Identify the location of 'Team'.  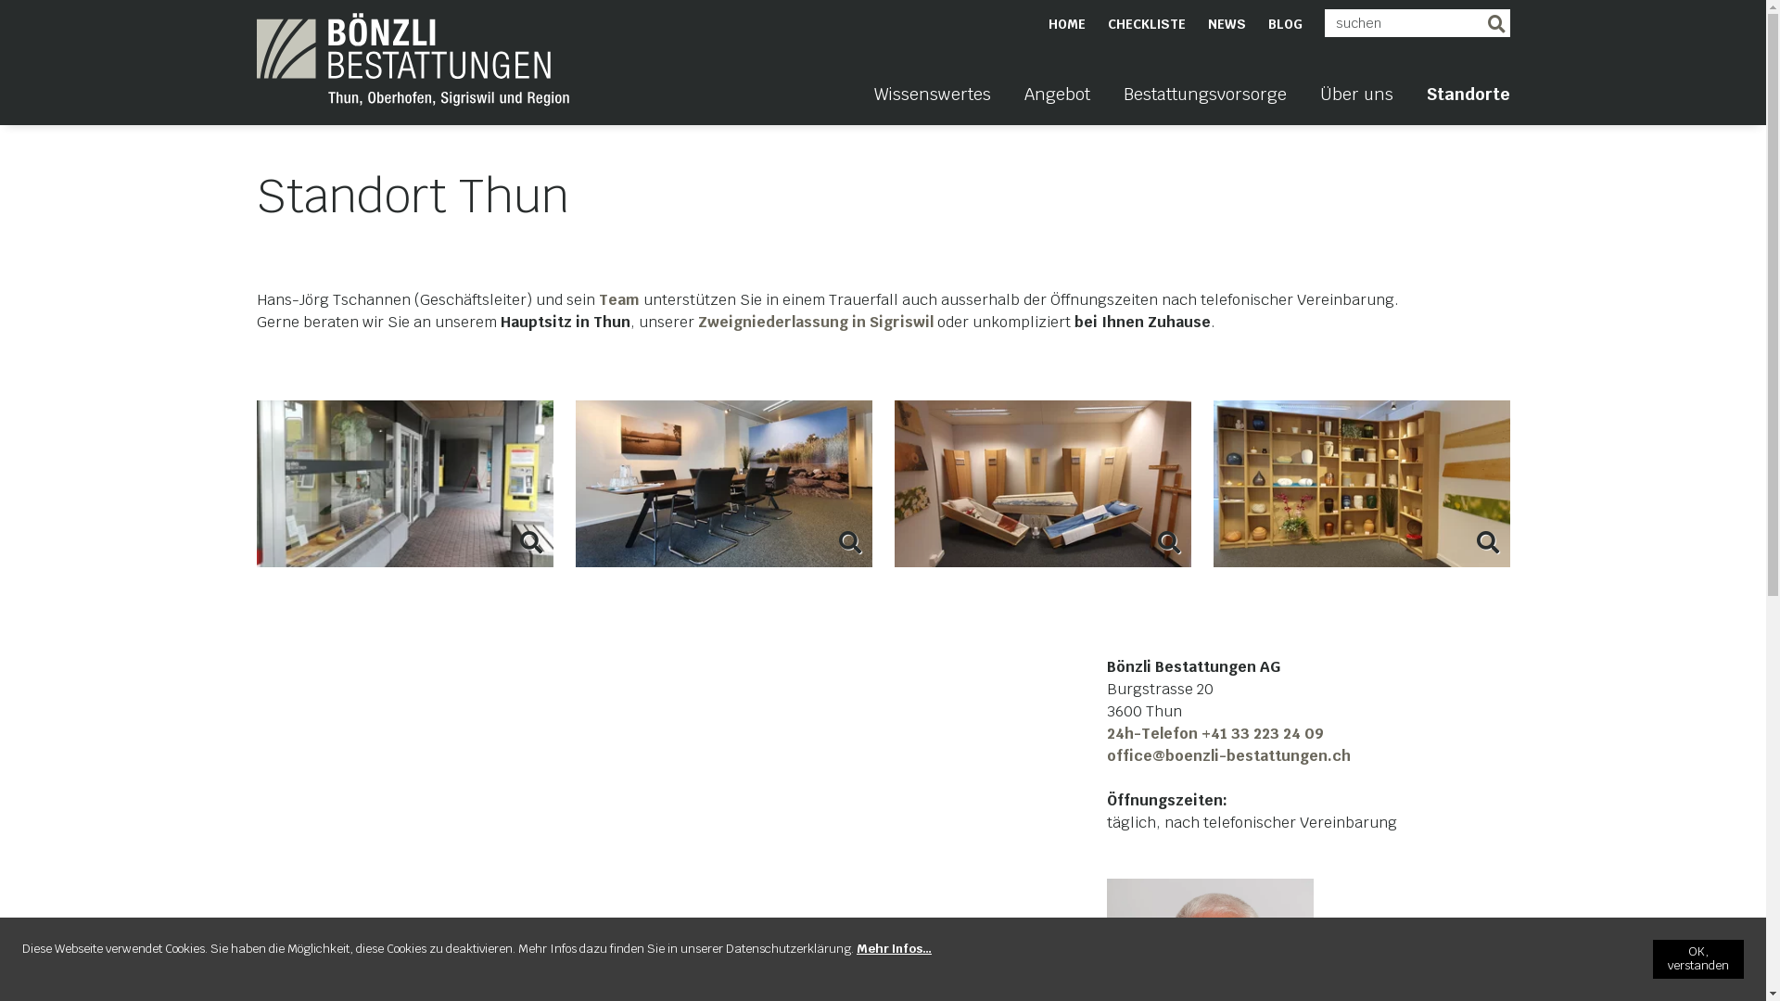
(618, 298).